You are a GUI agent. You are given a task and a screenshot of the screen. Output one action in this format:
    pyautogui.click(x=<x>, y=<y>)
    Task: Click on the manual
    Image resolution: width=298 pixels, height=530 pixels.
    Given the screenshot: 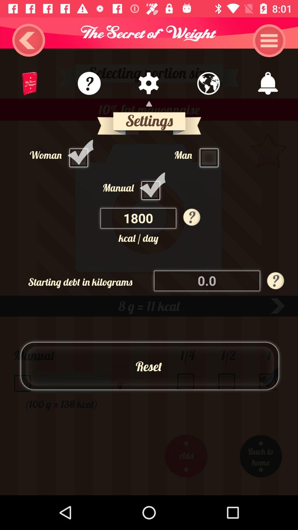 What is the action you would take?
    pyautogui.click(x=152, y=187)
    